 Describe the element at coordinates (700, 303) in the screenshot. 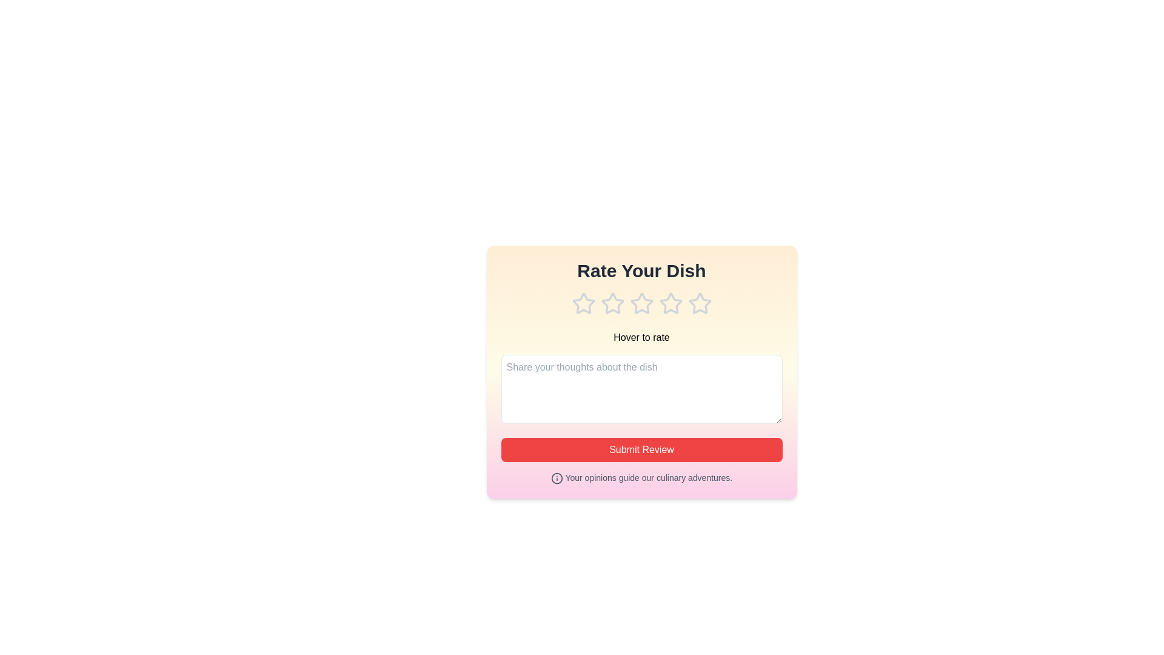

I see `the star corresponding to 5 to preview the rating` at that location.